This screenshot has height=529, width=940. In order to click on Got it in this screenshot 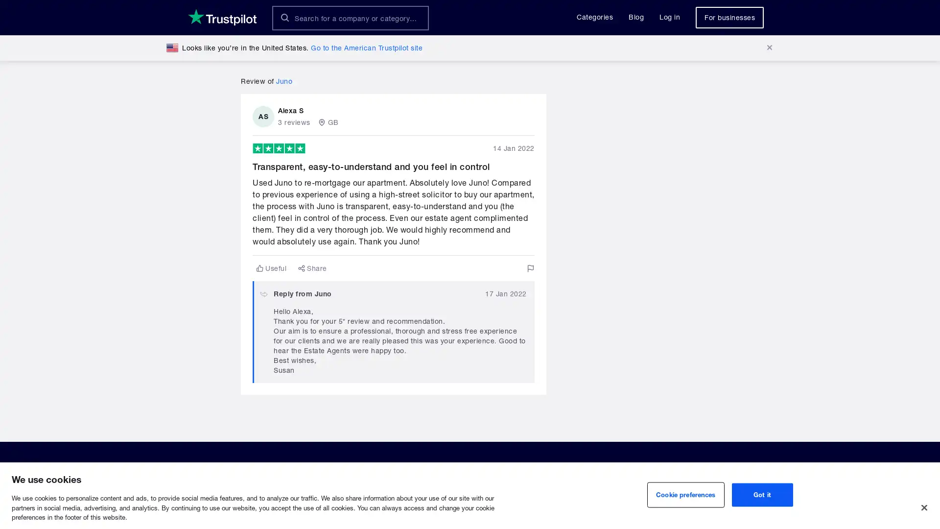, I will do `click(761, 495)`.